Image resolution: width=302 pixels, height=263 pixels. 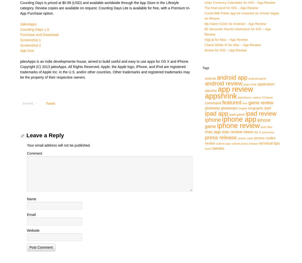 I want to click on 'android', so click(x=210, y=78).